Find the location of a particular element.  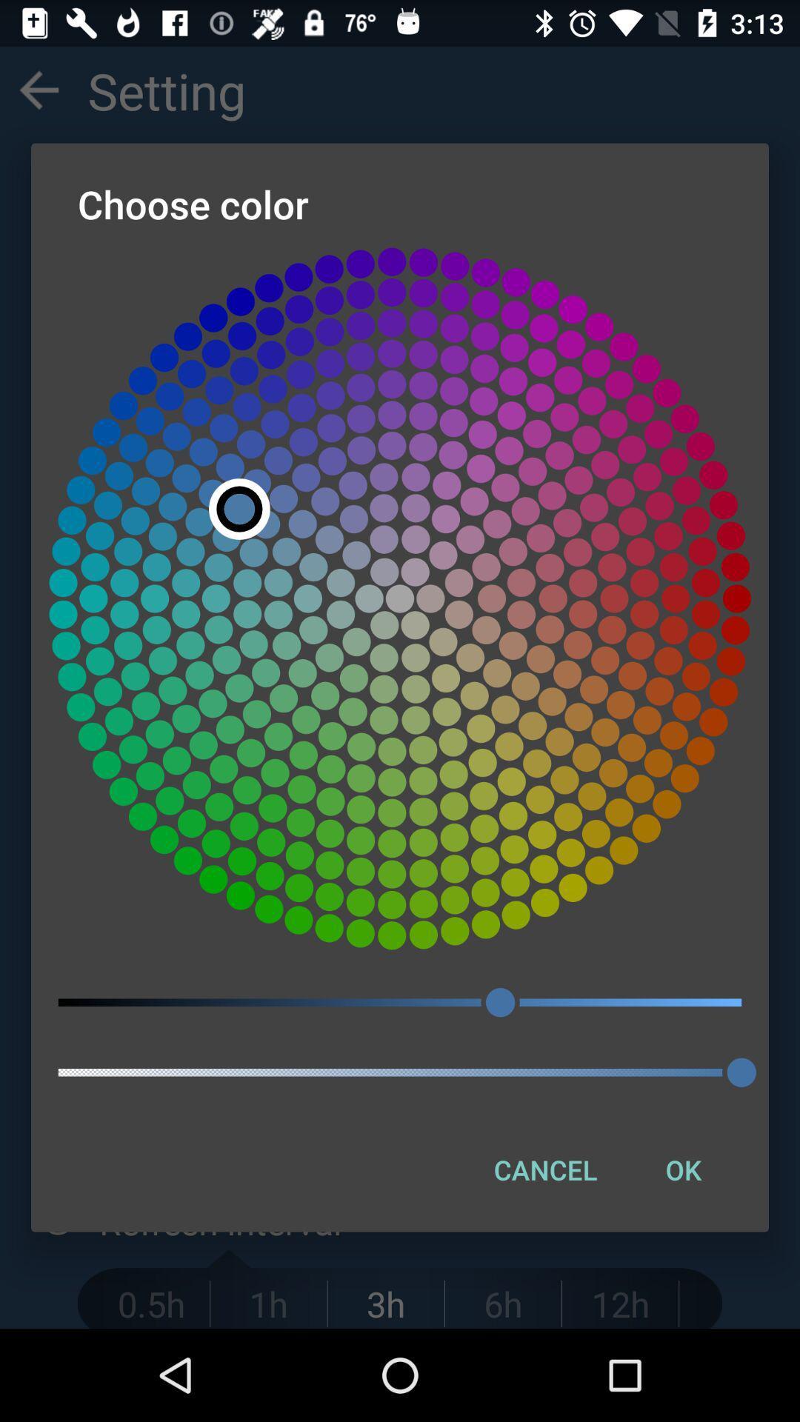

item next to the ok is located at coordinates (545, 1169).